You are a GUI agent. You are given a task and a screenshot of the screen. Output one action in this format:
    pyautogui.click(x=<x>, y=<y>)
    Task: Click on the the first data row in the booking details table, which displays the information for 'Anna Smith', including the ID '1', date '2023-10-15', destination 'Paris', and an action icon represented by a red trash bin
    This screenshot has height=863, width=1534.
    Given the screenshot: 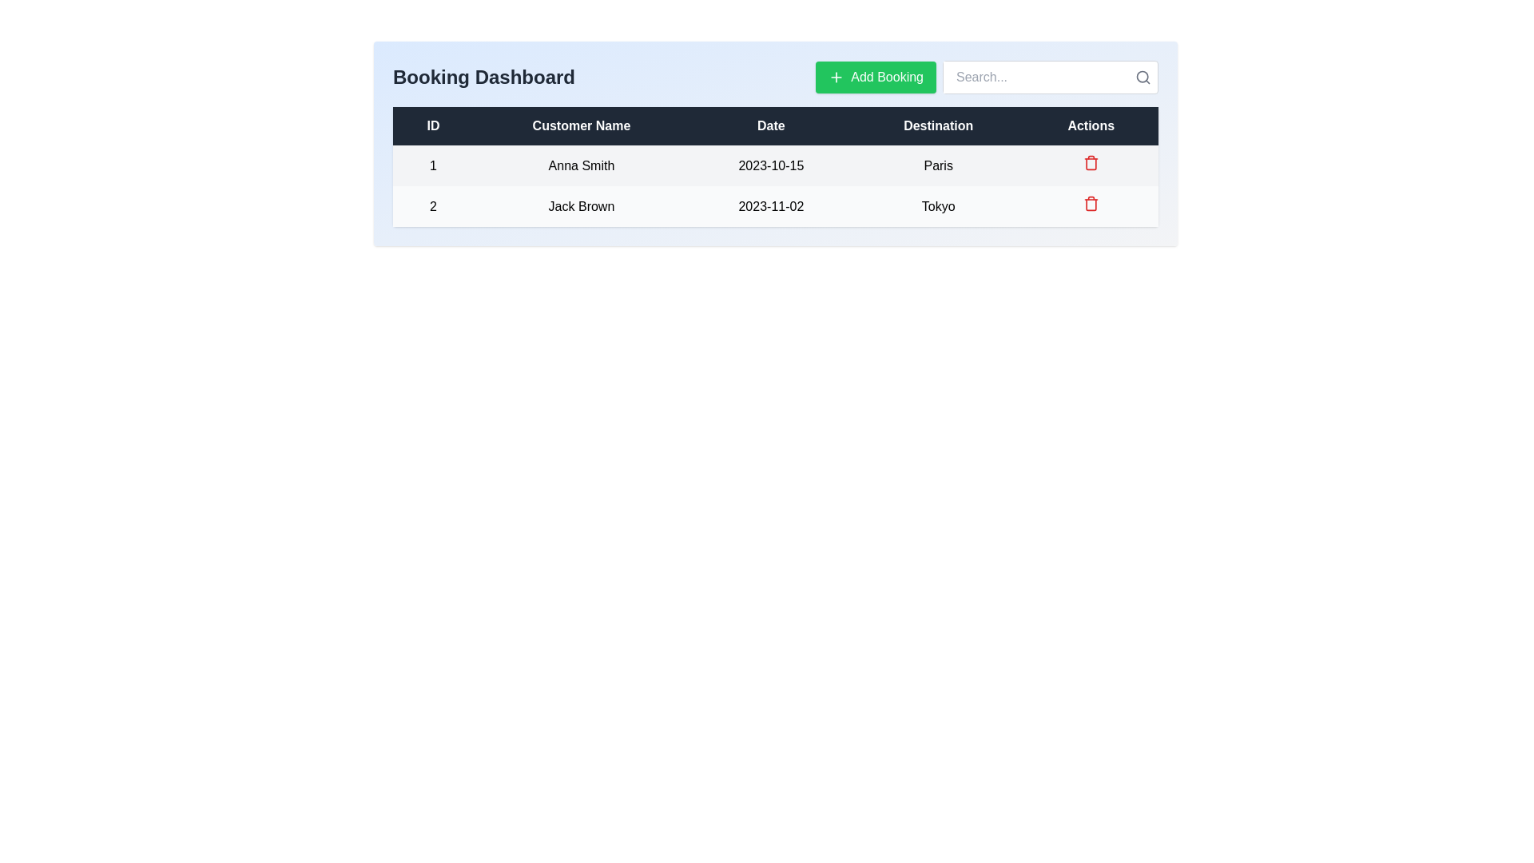 What is the action you would take?
    pyautogui.click(x=775, y=165)
    